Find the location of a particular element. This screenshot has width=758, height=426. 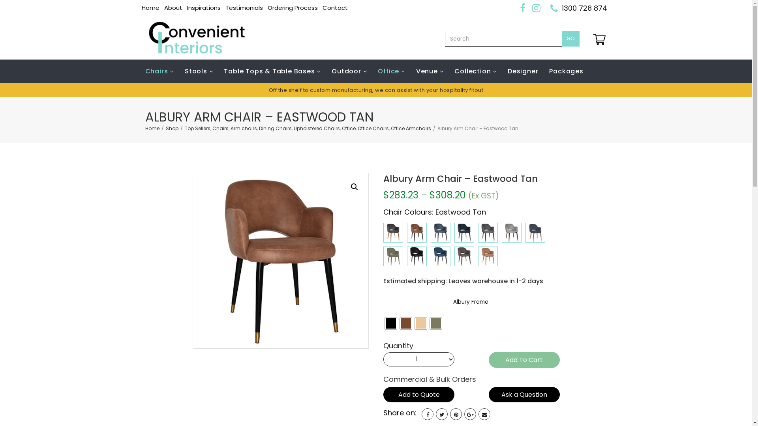

'Outdoor' is located at coordinates (349, 71).